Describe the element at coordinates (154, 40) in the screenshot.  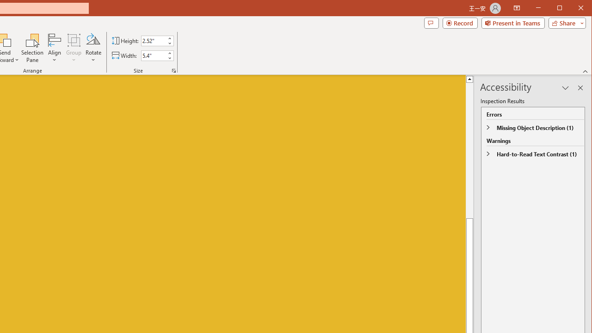
I see `'Shape Height'` at that location.